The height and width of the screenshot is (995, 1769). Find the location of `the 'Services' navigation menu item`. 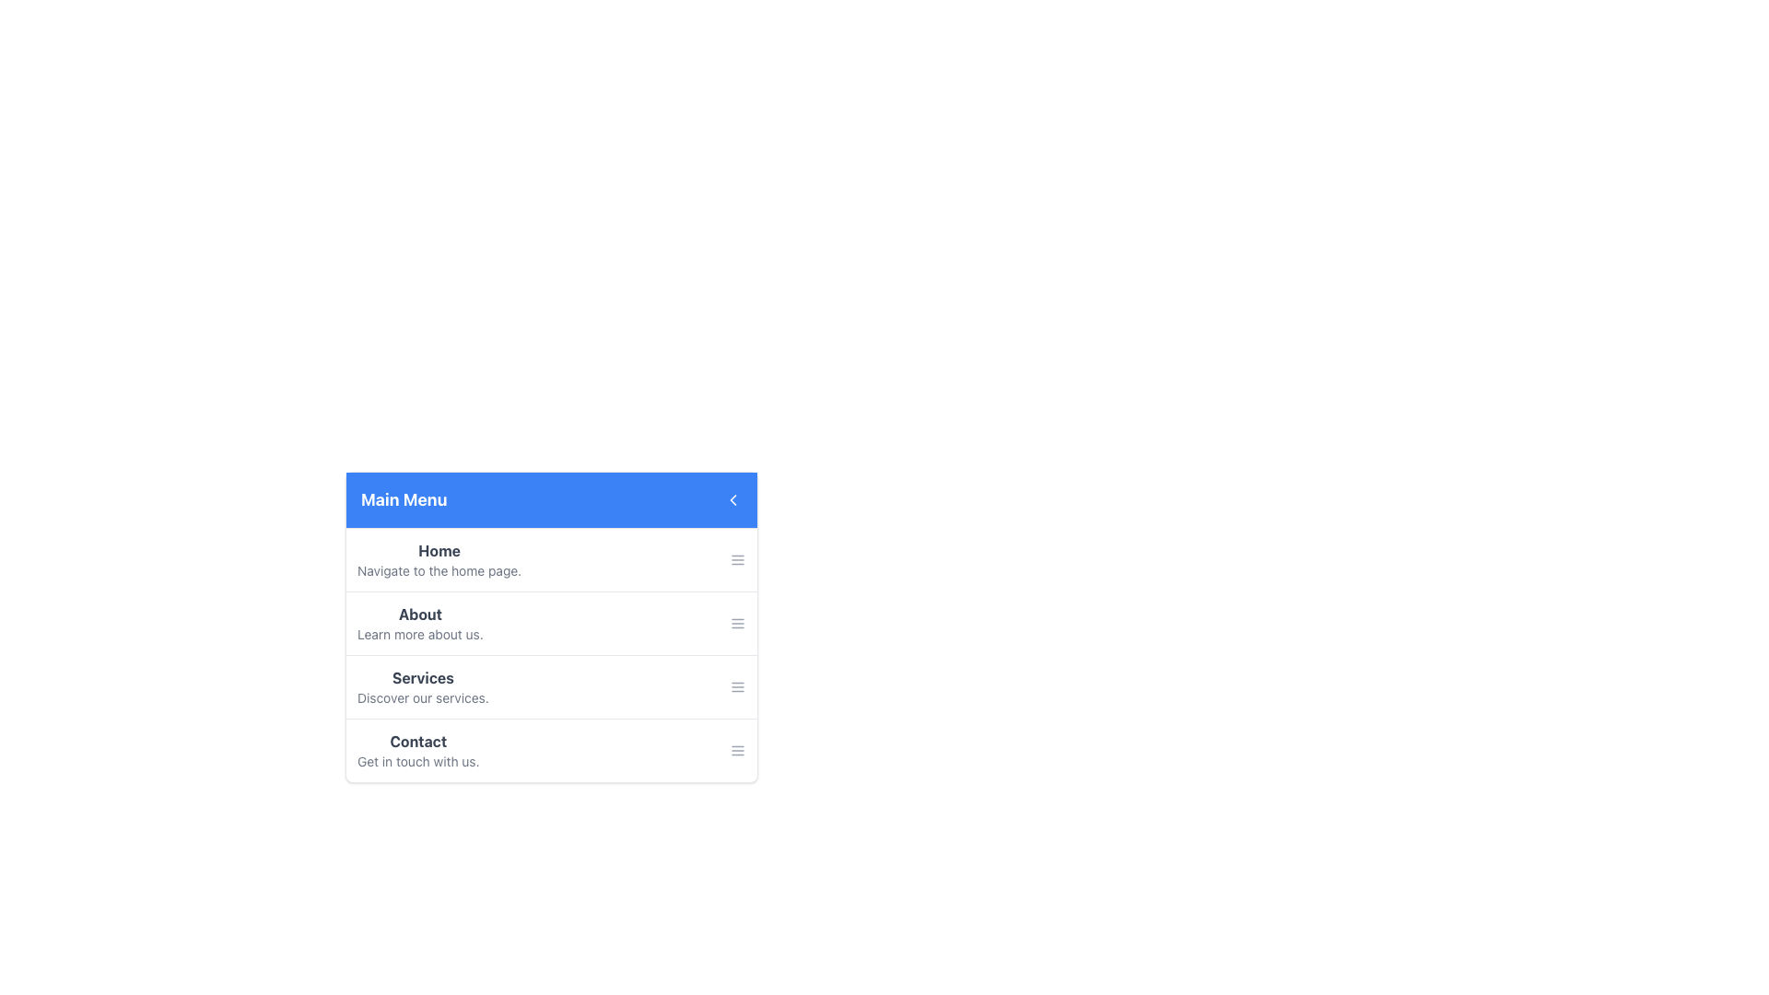

the 'Services' navigation menu item is located at coordinates (551, 678).